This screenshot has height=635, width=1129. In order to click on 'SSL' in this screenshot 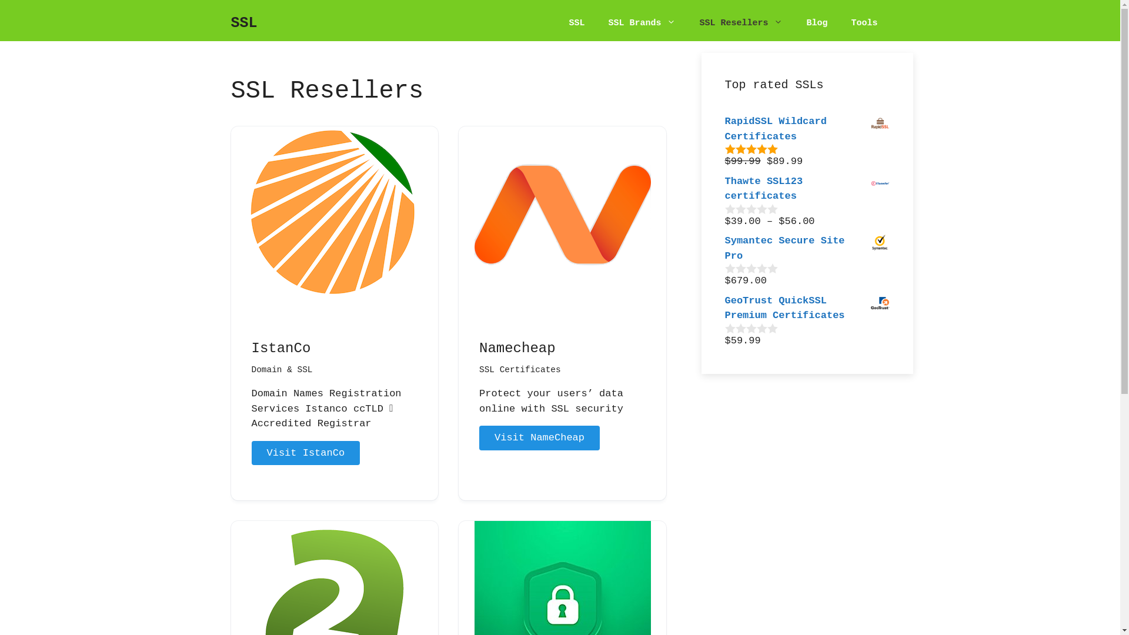, I will do `click(576, 23)`.